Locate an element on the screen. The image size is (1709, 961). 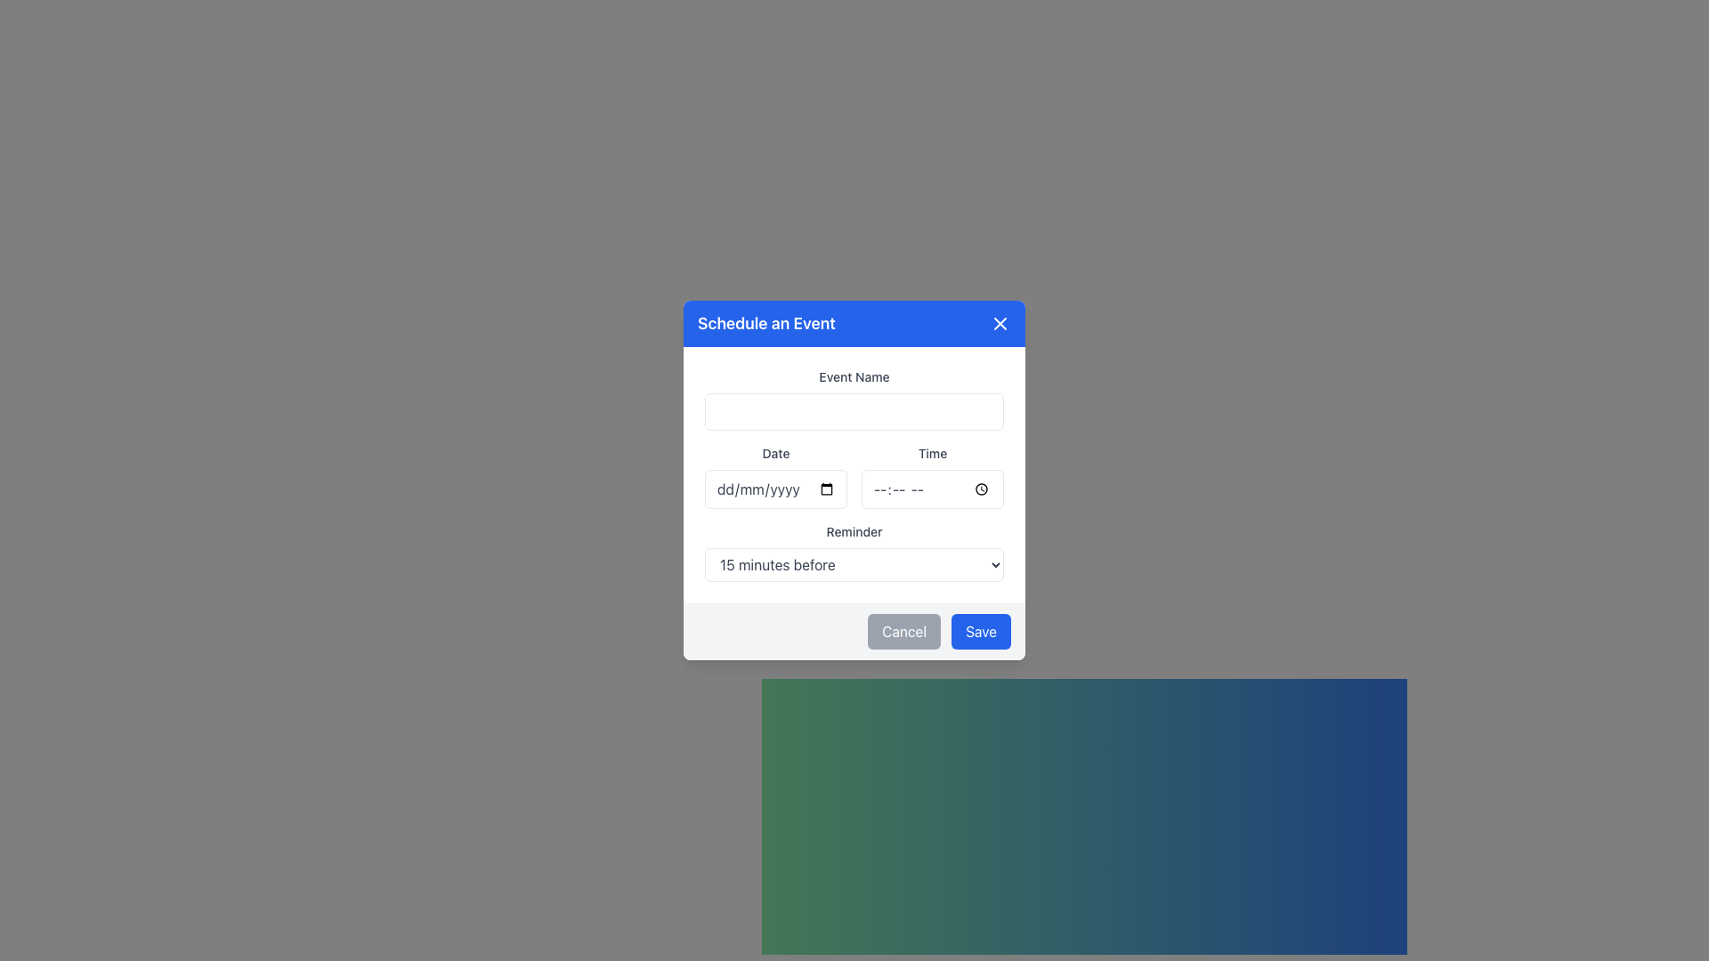
the 'Event Name' label, which displays the text in a medium-sized light gray font, located centrally in the 'Schedule an Event' modal above the event name input field is located at coordinates (854, 376).